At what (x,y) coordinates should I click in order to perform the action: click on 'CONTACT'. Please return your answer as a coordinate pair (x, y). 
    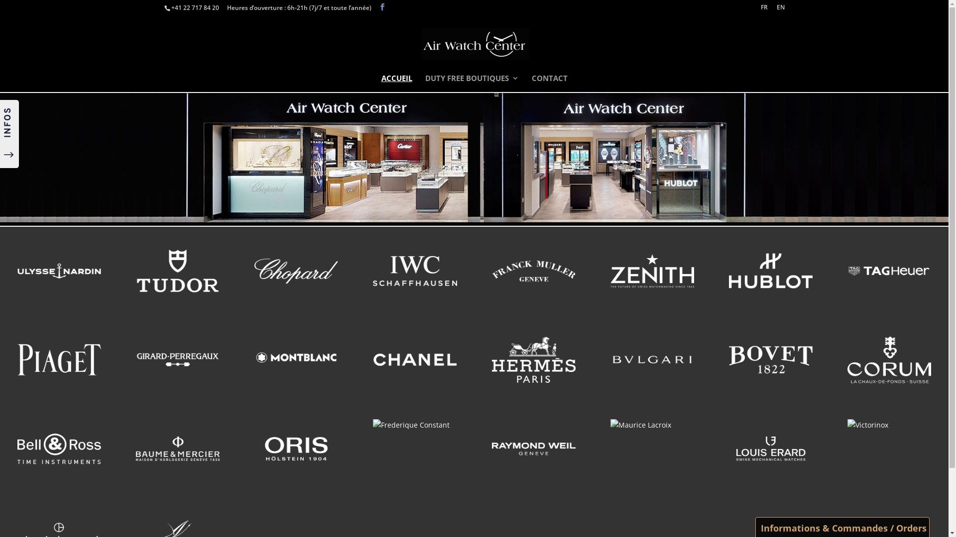
    Looking at the image, I should click on (531, 83).